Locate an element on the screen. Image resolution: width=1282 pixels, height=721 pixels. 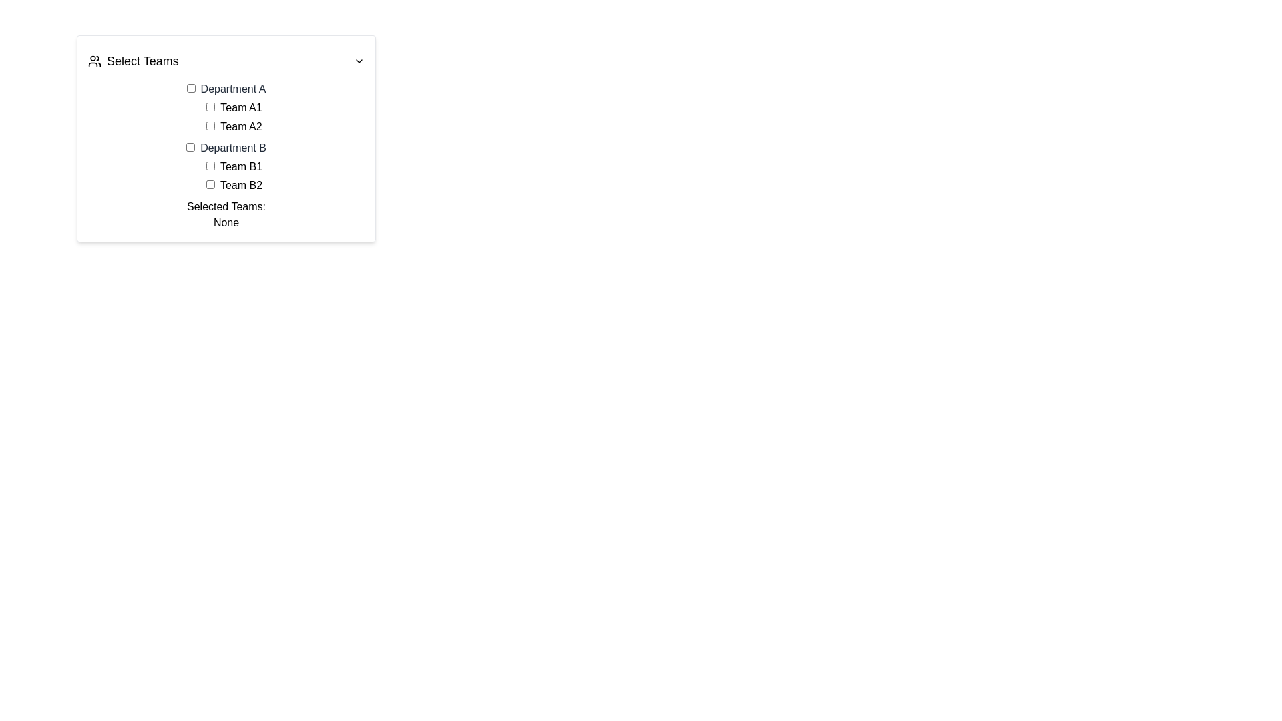
'Team B1' label located within the 'Select Teams' collapsible menu under 'Department B', positioned to the right of its associated checkbox is located at coordinates (241, 166).